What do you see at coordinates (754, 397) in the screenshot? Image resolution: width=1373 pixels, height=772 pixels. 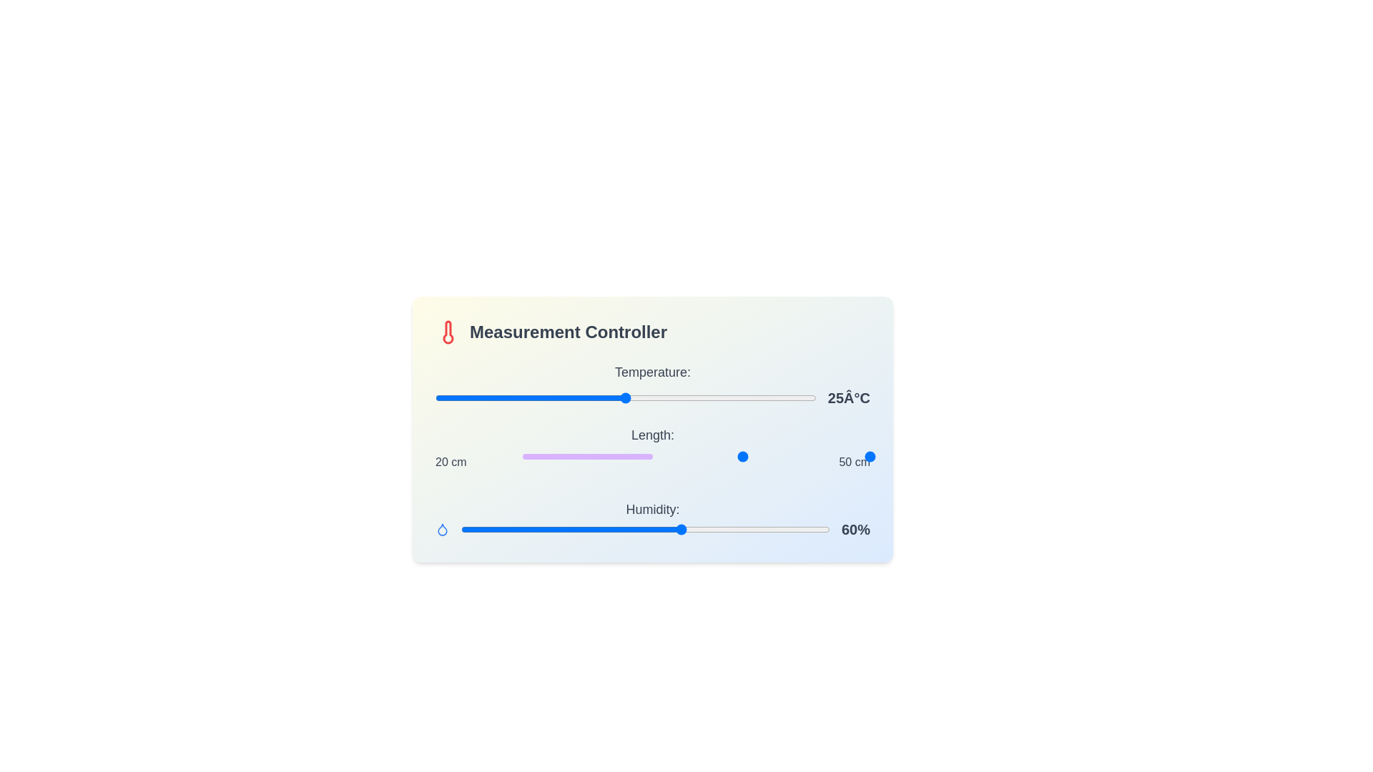 I see `the slider` at bounding box center [754, 397].